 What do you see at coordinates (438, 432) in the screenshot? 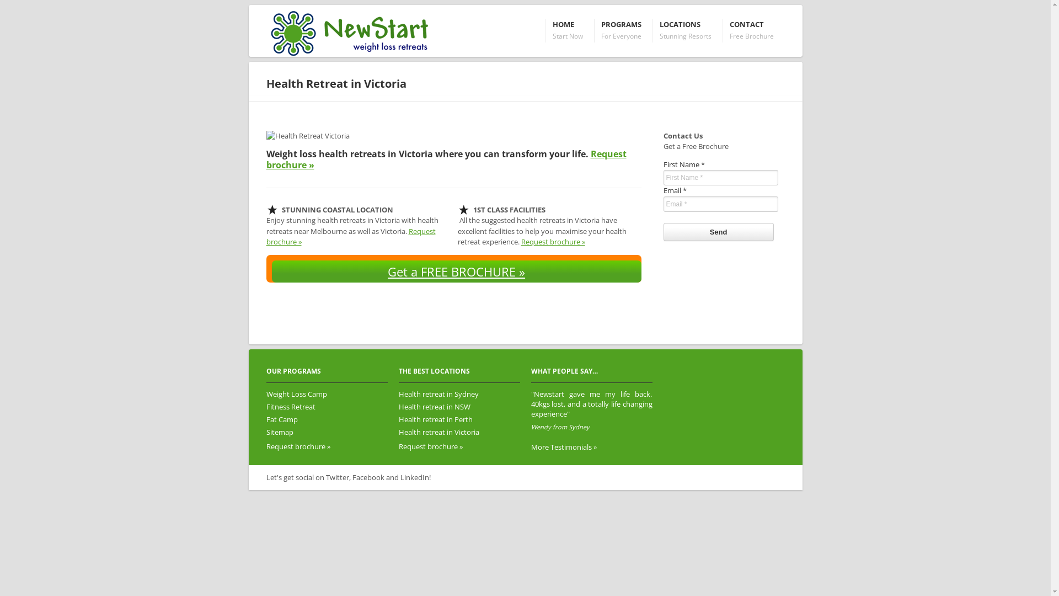
I see `'Health retreat in Victoria'` at bounding box center [438, 432].